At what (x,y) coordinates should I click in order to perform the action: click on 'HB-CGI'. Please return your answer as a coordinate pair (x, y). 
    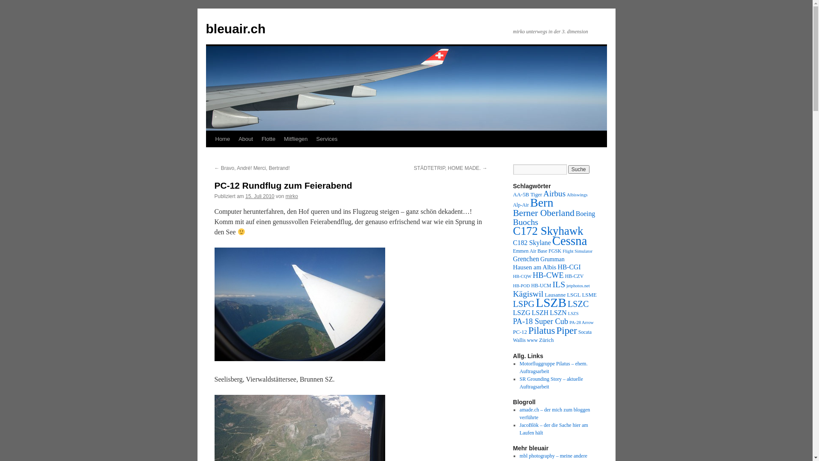
    Looking at the image, I should click on (569, 266).